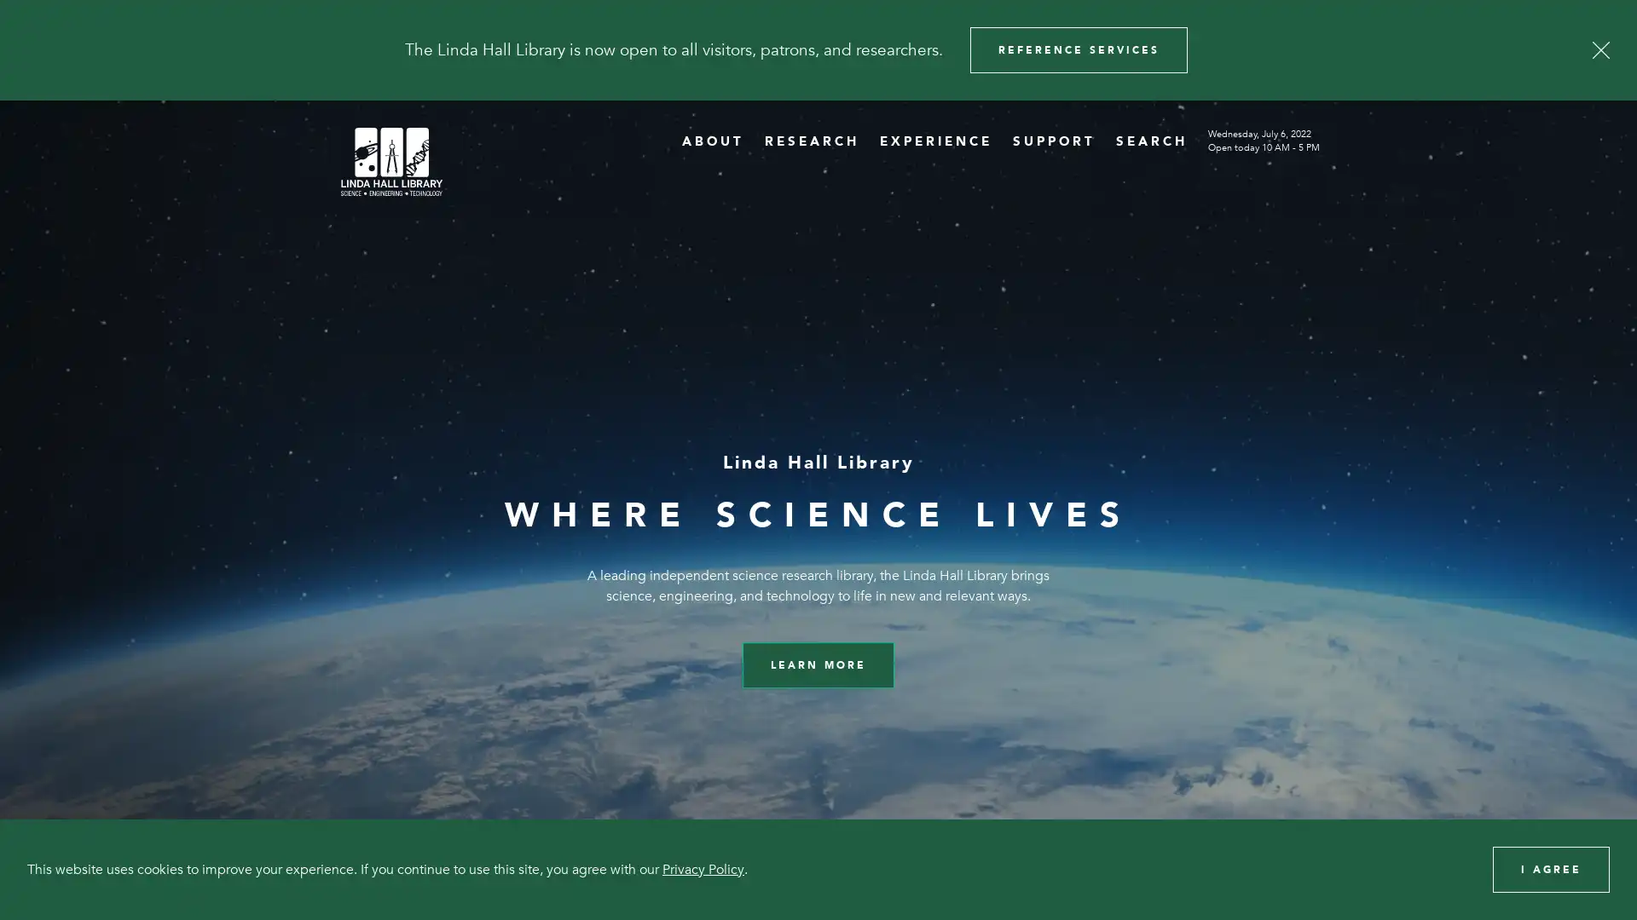 Image resolution: width=1637 pixels, height=920 pixels. Describe the element at coordinates (1053, 140) in the screenshot. I see `SUPPORT` at that location.